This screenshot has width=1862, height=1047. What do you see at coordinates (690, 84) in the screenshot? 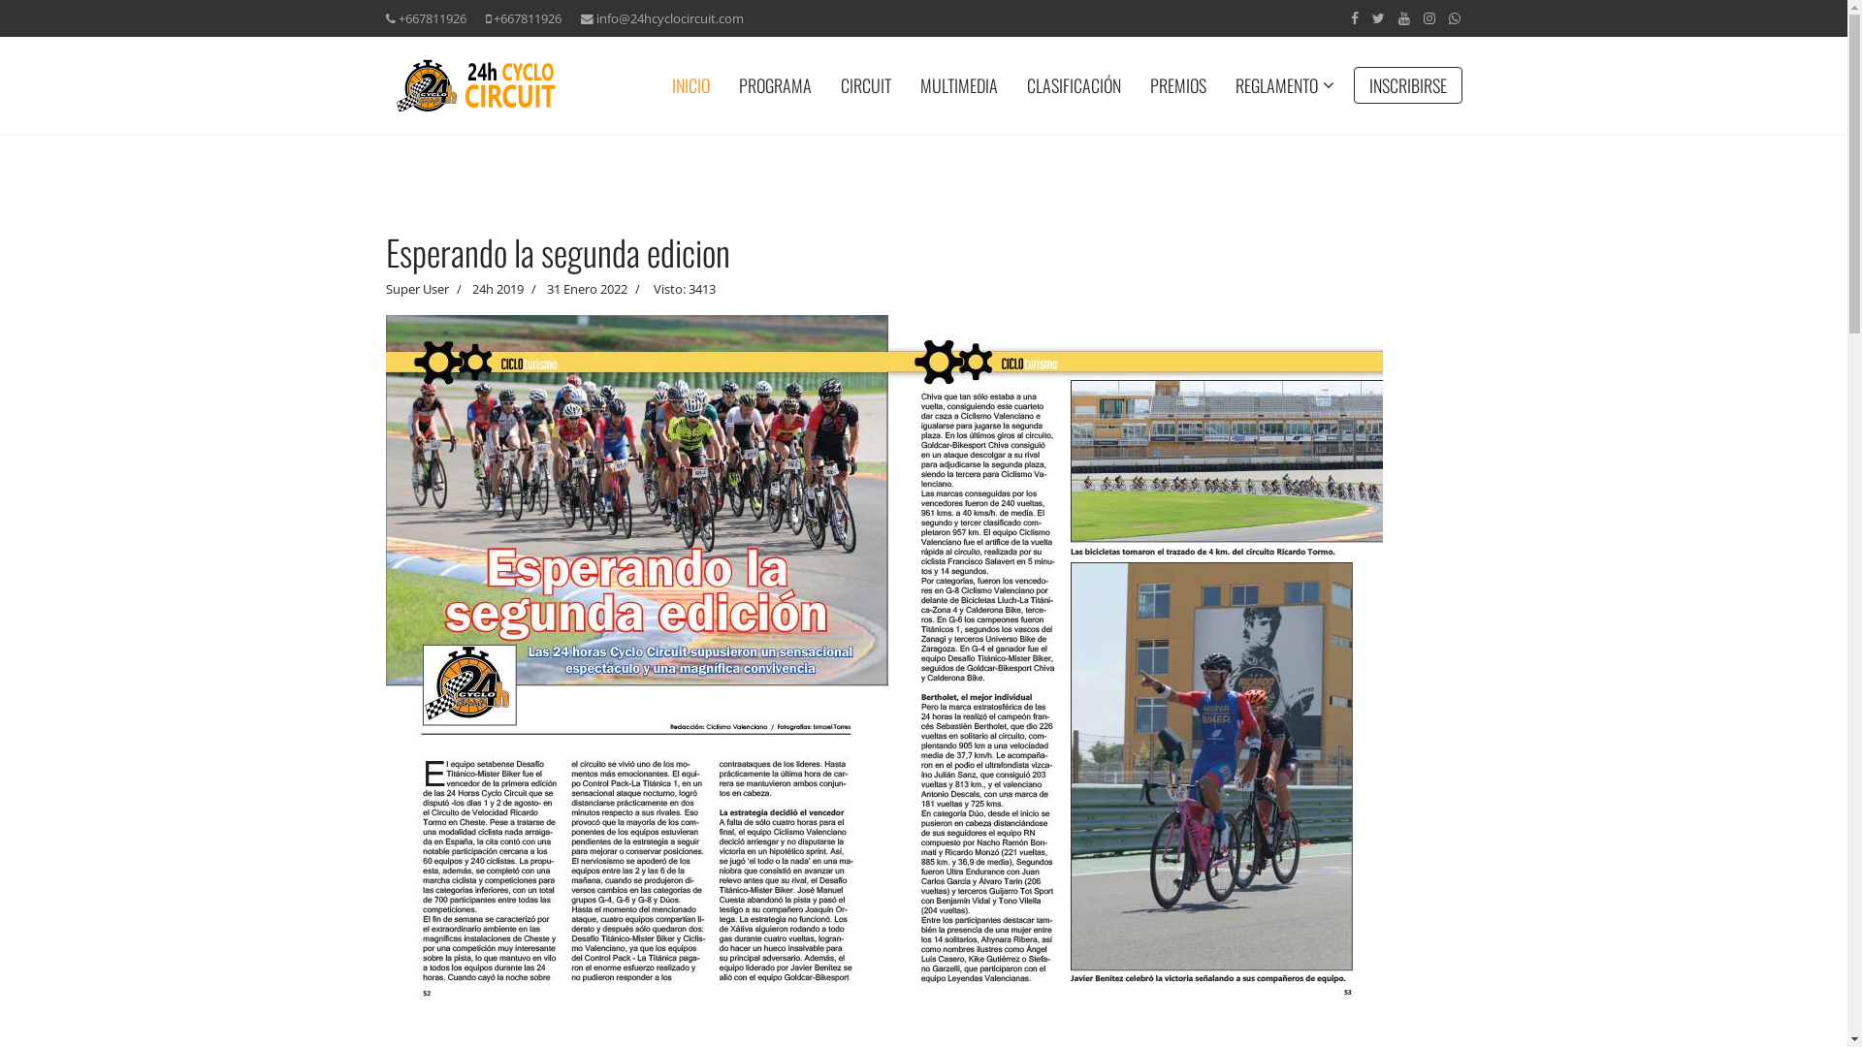
I see `'INICIO'` at bounding box center [690, 84].